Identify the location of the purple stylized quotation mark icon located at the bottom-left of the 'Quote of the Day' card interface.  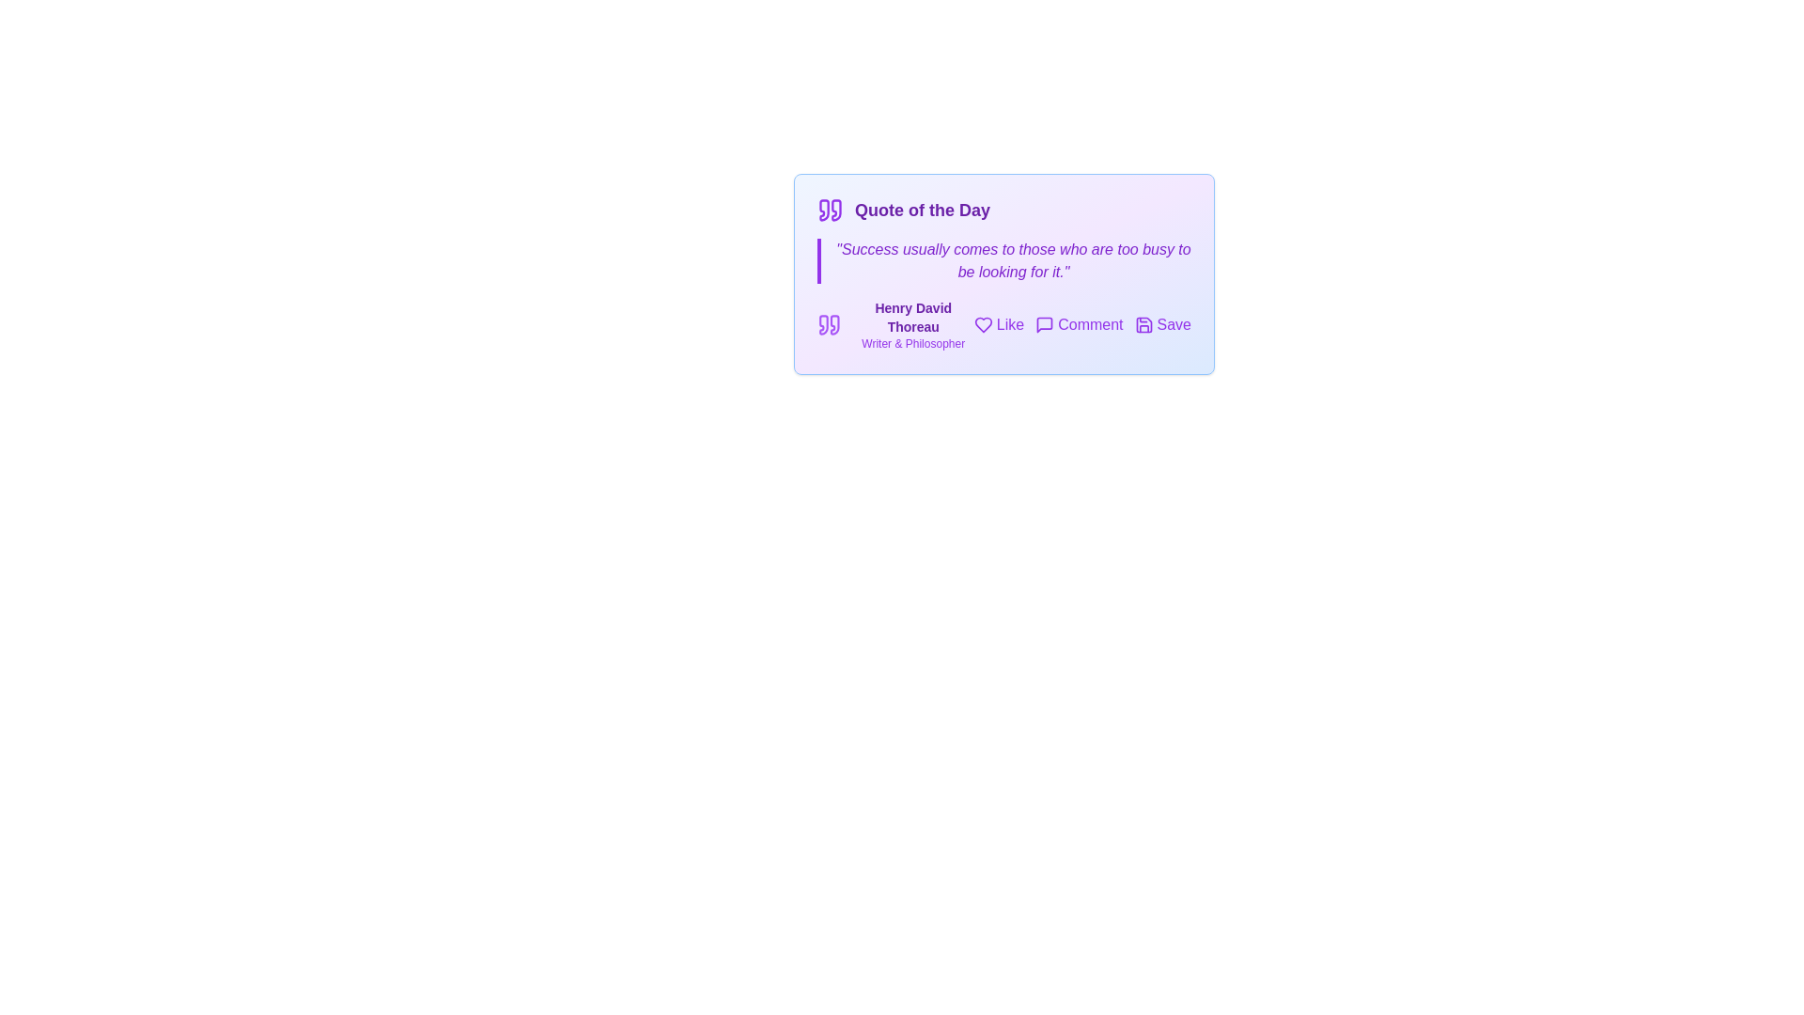
(823, 324).